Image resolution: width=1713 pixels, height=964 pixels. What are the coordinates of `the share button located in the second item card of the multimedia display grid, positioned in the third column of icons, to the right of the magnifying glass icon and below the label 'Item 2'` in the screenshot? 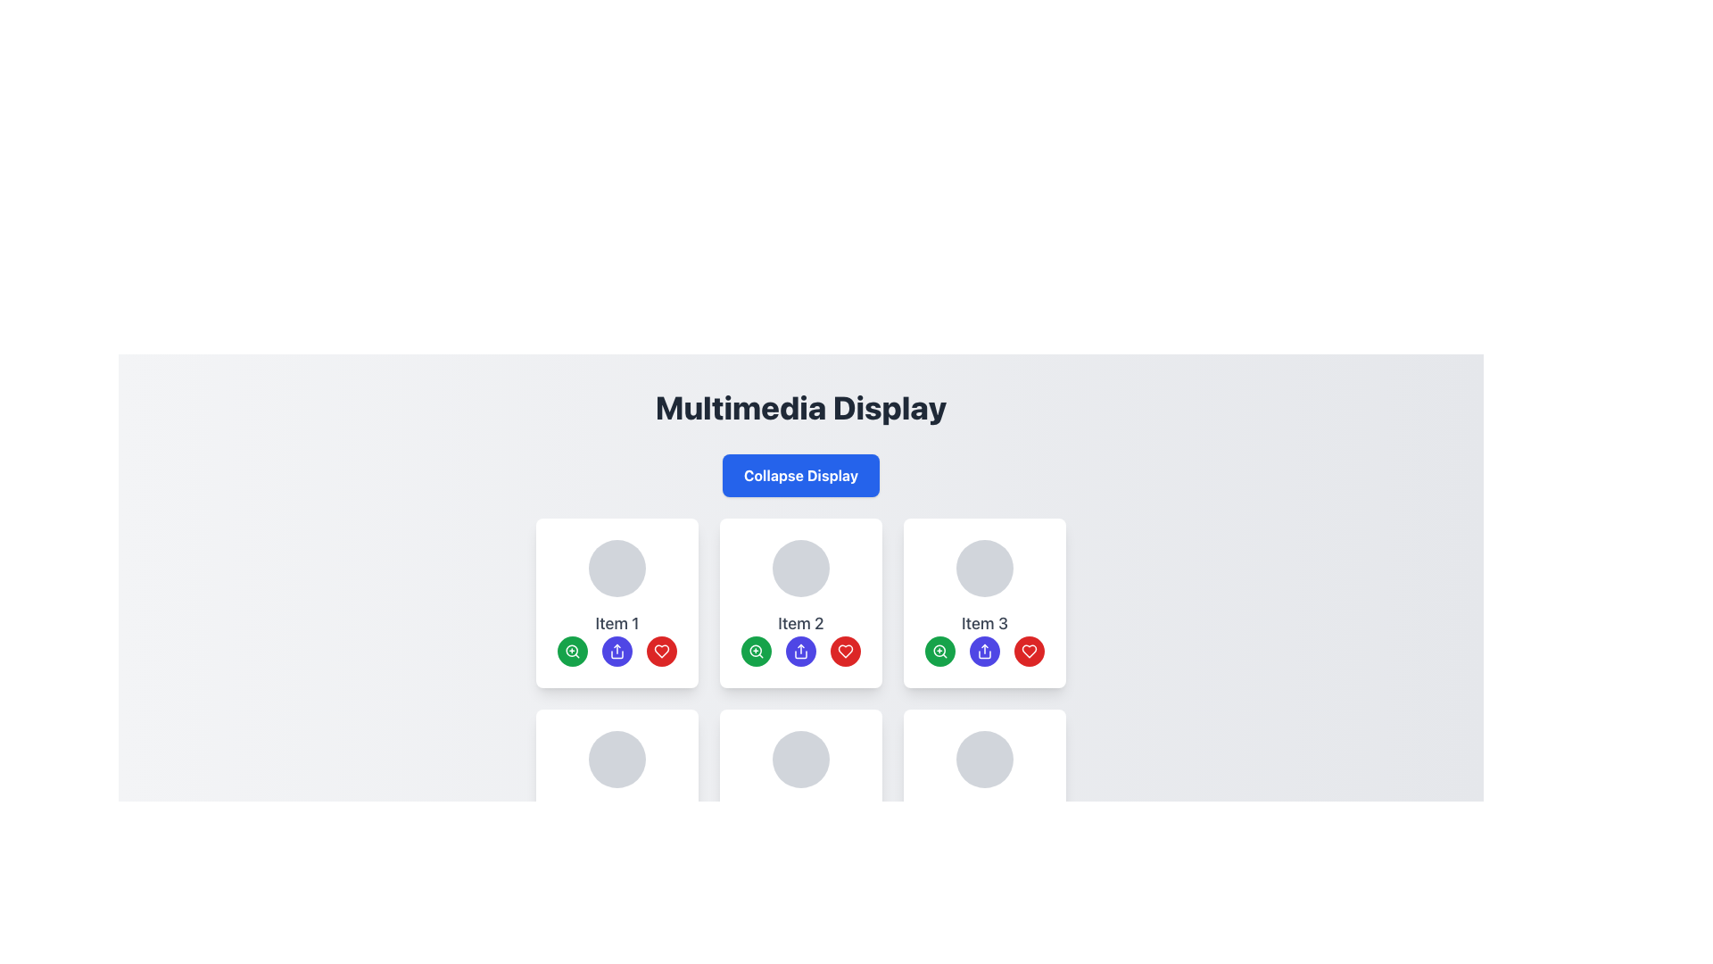 It's located at (799, 651).